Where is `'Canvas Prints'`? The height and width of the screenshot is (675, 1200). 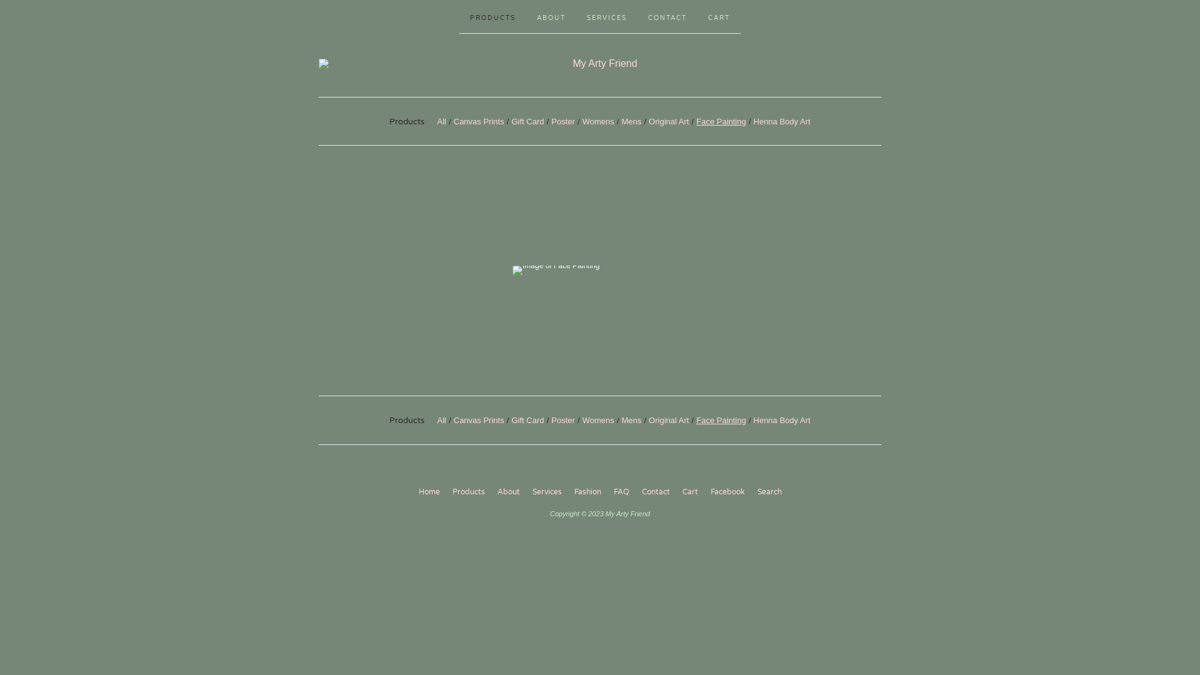 'Canvas Prints' is located at coordinates (478, 121).